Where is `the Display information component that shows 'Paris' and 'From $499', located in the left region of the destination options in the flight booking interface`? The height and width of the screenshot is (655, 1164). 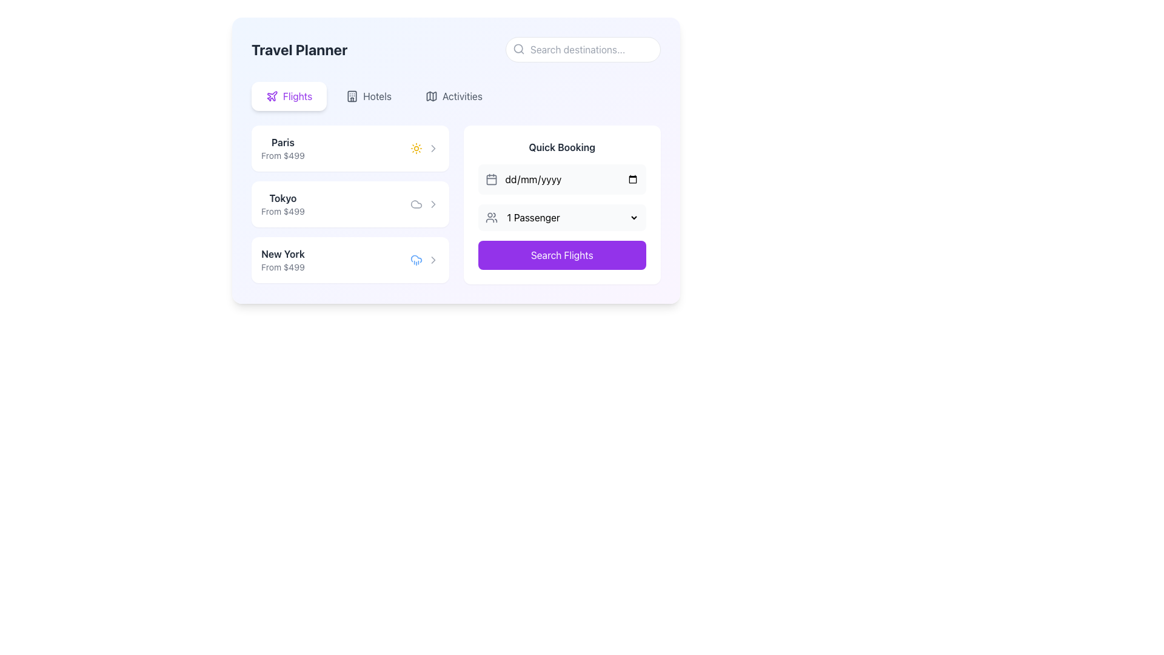
the Display information component that shows 'Paris' and 'From $499', located in the left region of the destination options in the flight booking interface is located at coordinates (282, 148).